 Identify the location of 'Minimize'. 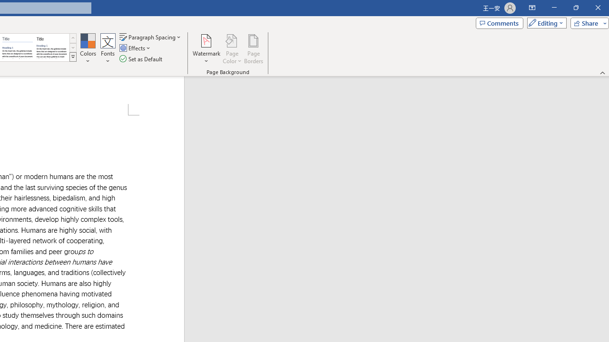
(554, 8).